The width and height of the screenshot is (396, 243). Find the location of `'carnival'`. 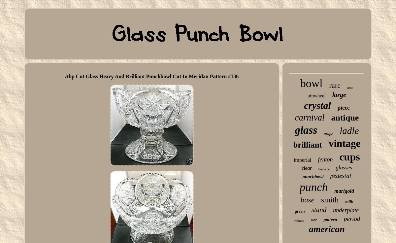

'carnival' is located at coordinates (310, 118).